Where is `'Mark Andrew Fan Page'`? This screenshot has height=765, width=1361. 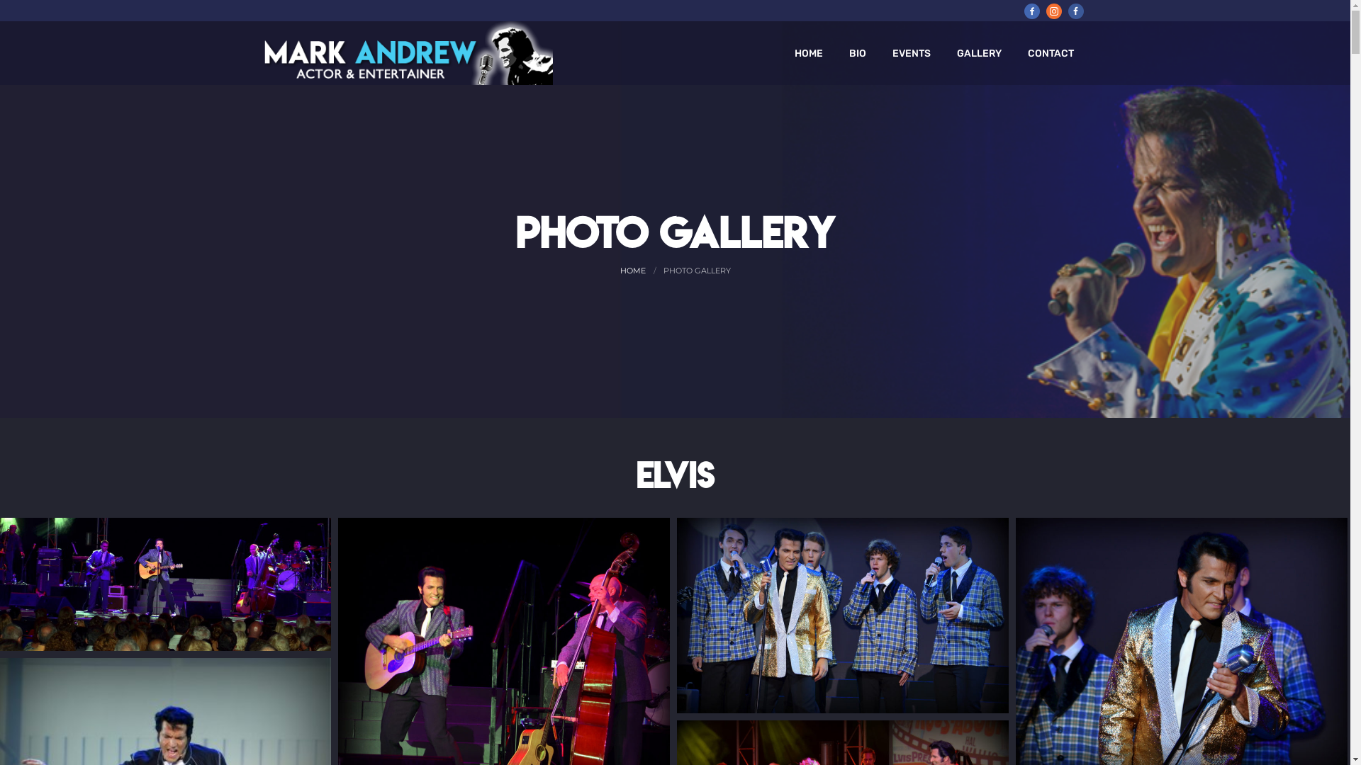 'Mark Andrew Fan Page' is located at coordinates (1075, 11).